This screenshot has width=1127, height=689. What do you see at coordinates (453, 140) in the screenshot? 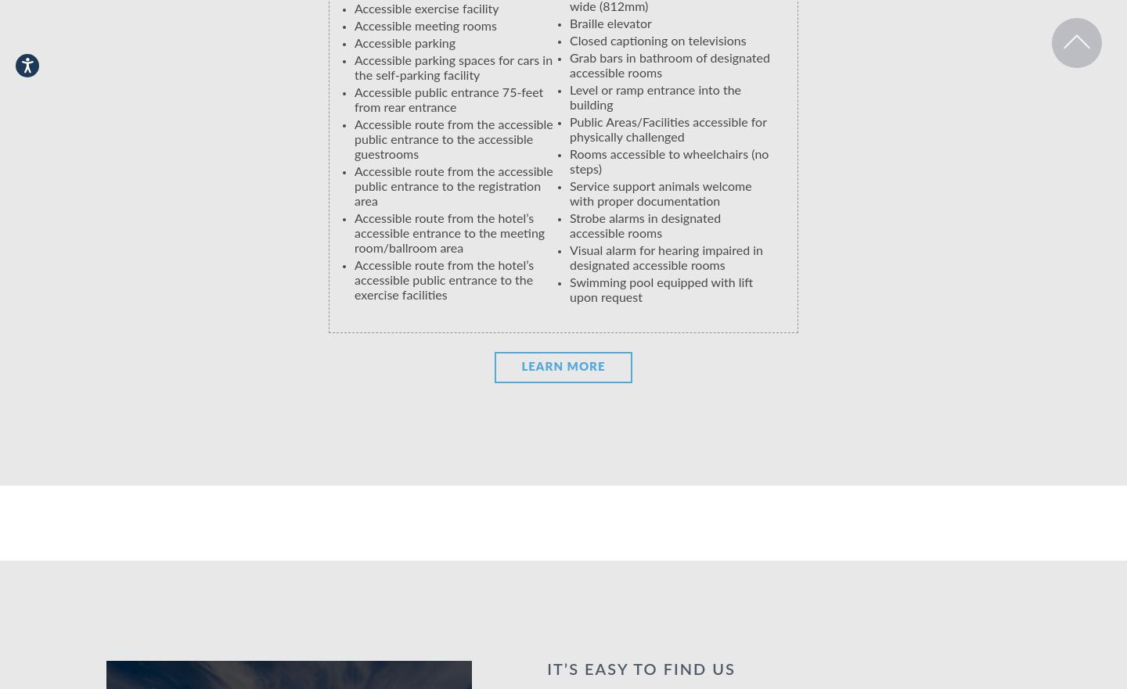
I see `'Accessible route from the accessible public entrance to the accessible guestrooms'` at bounding box center [453, 140].